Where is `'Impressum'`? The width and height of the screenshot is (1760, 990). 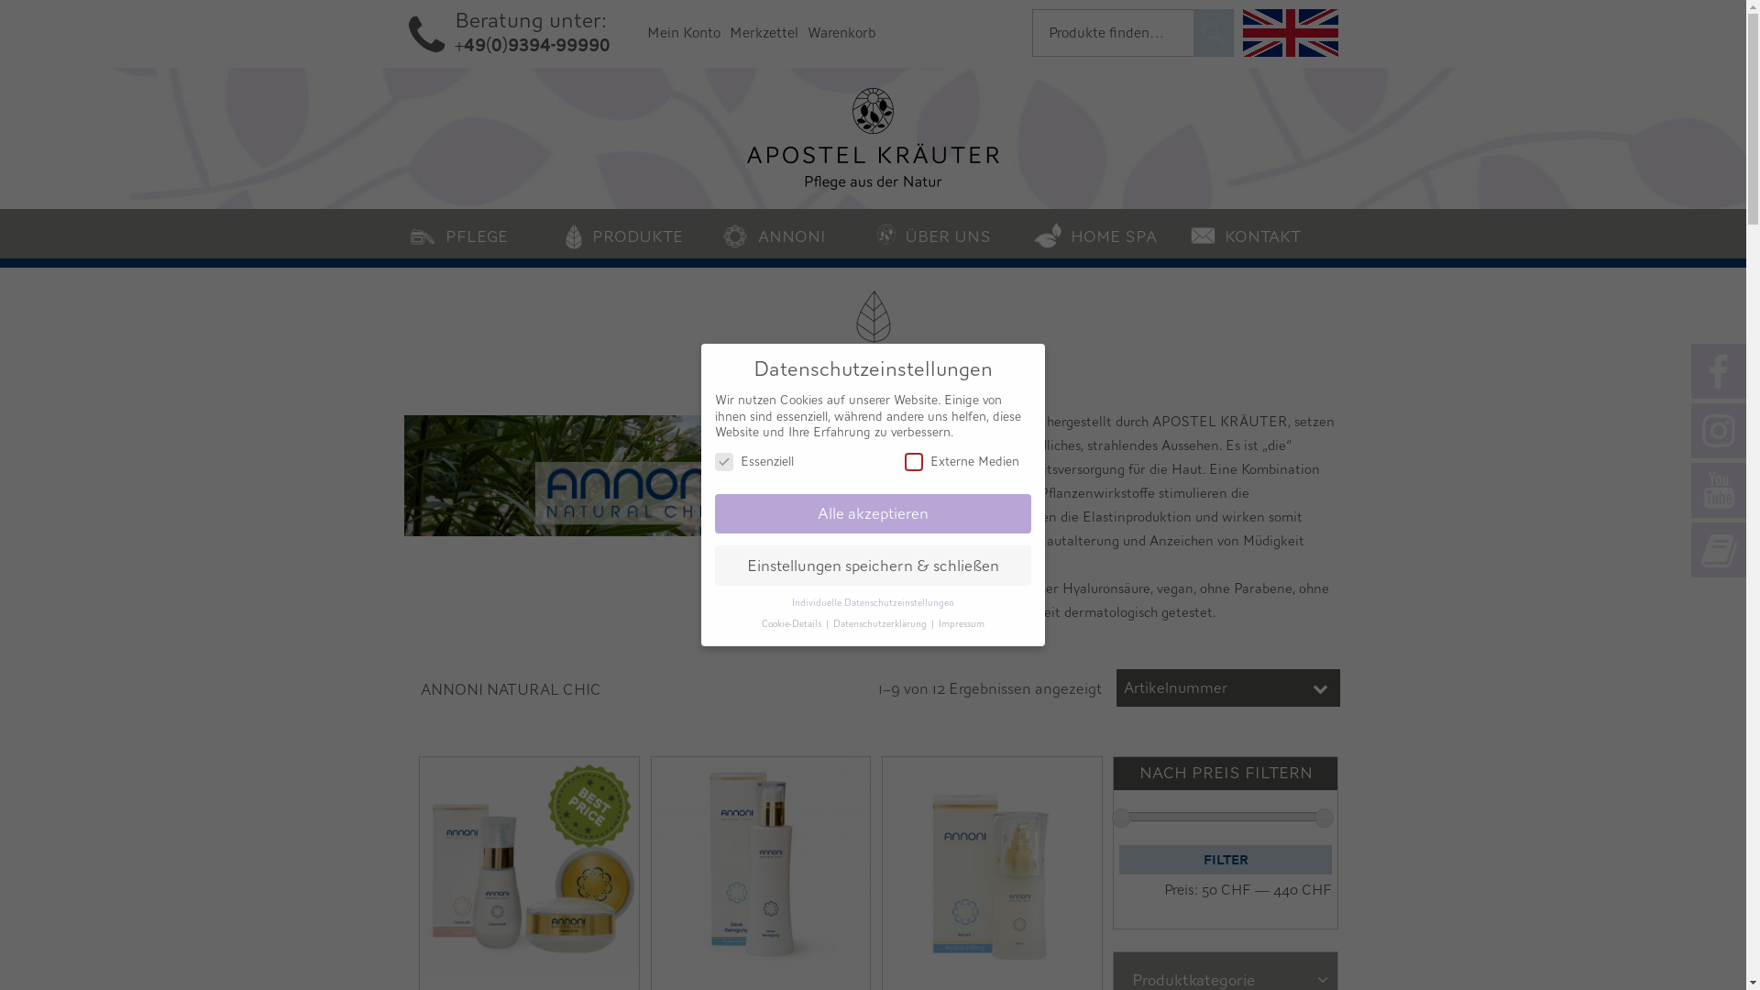 'Impressum' is located at coordinates (961, 623).